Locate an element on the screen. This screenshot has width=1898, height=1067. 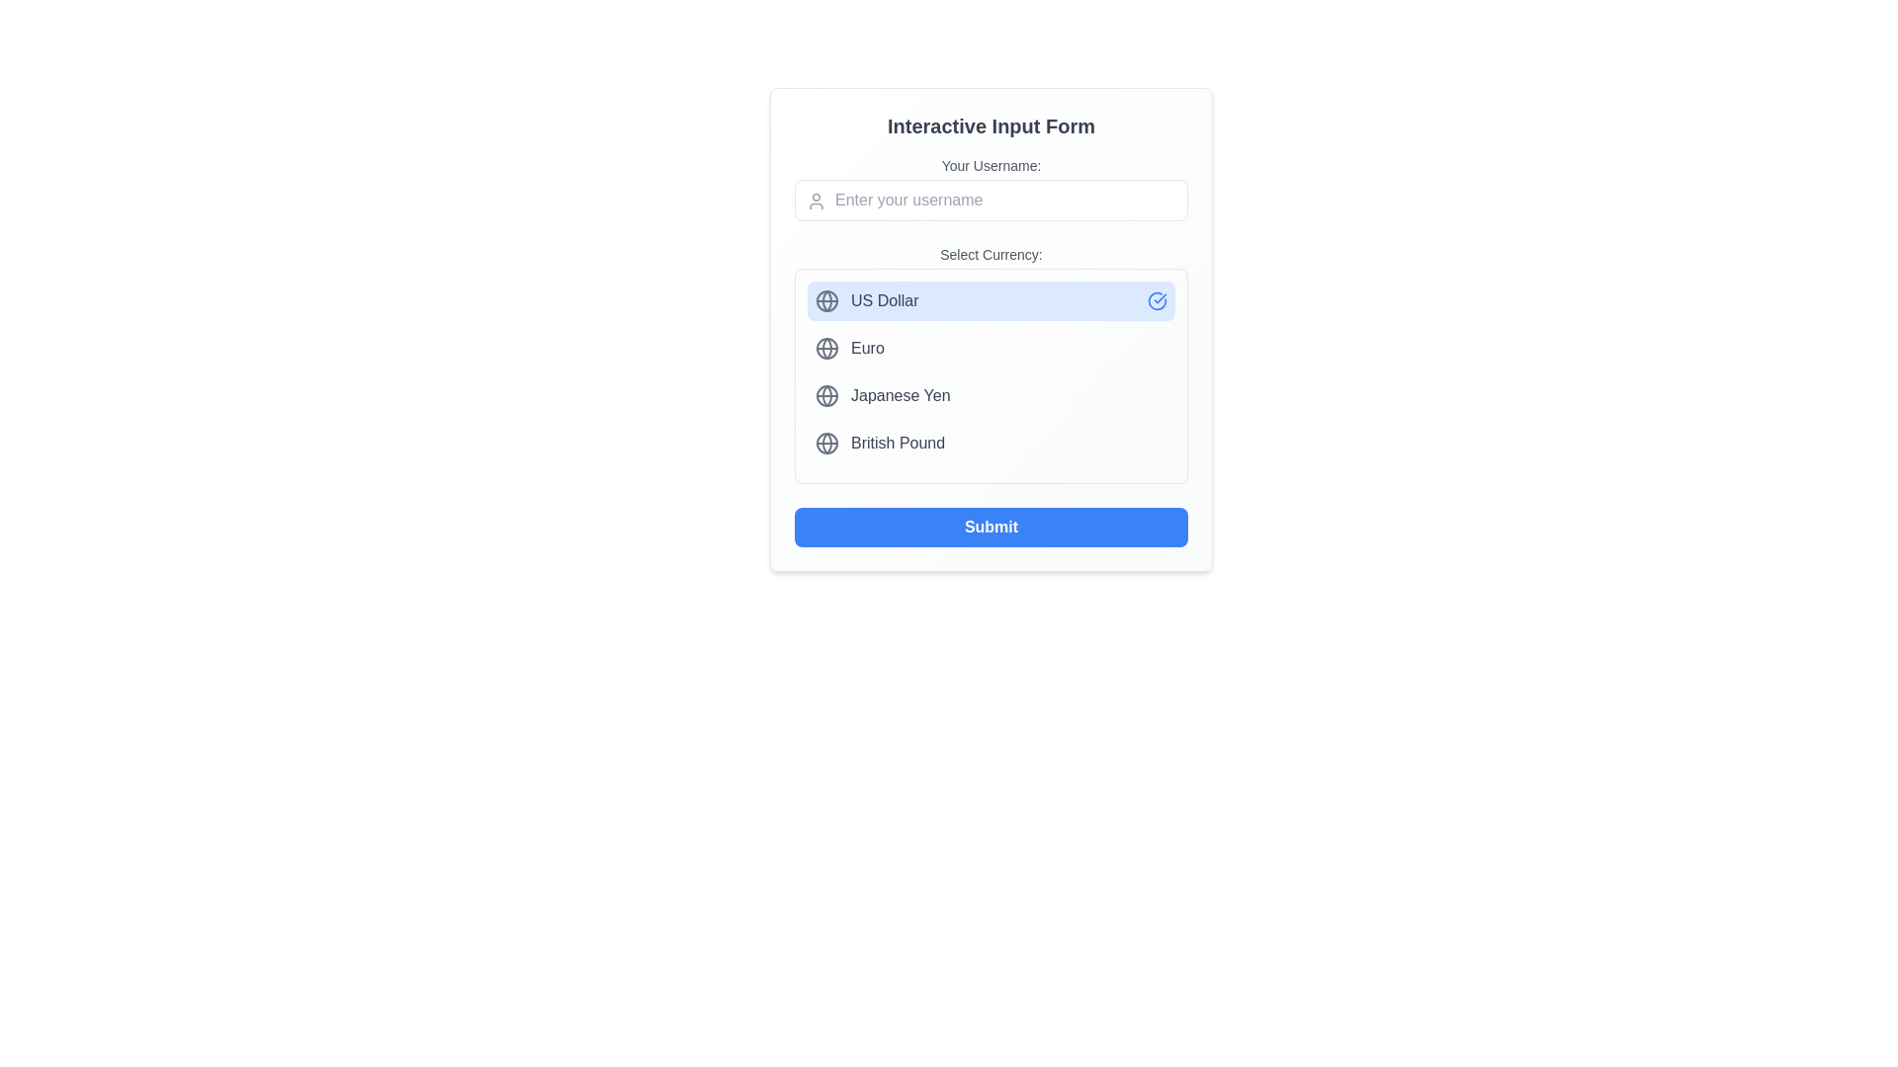
the text label displaying 'US Dollar', which is styled with a medium font weight and gray color, located within a list of currency options is located at coordinates (884, 300).